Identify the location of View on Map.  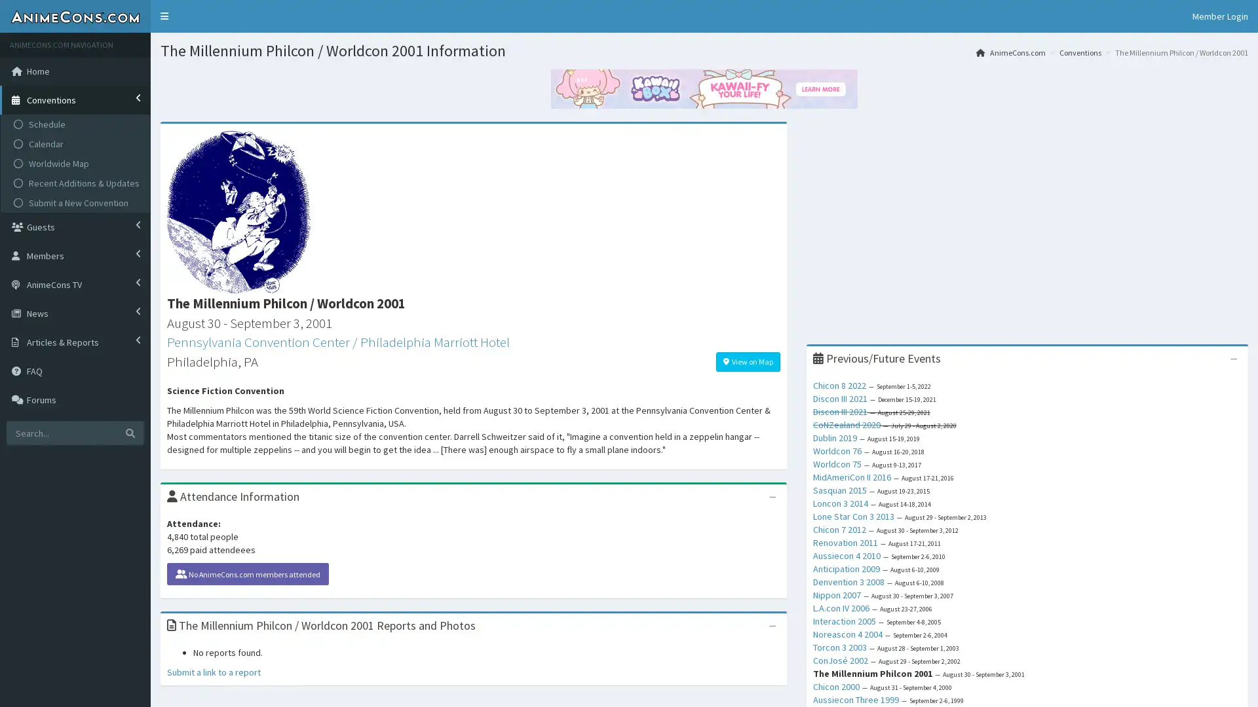
(748, 361).